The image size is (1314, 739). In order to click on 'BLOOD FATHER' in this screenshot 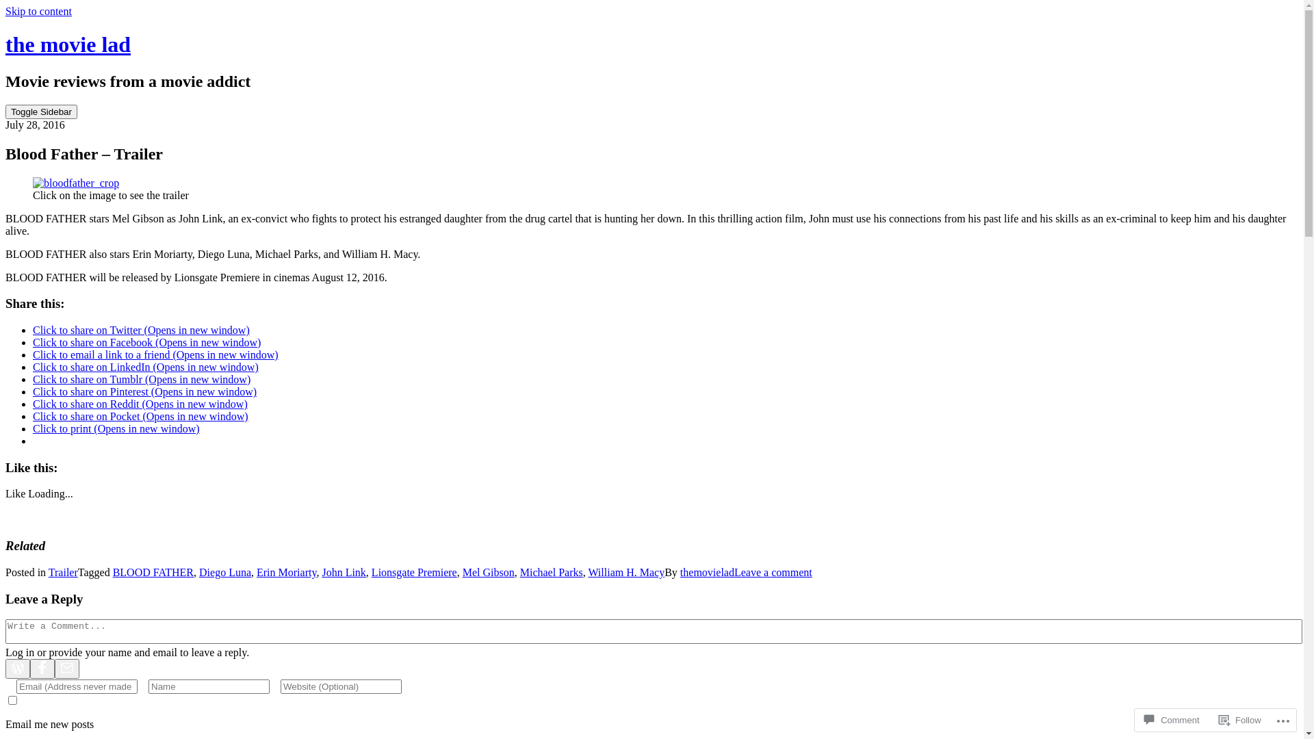, I will do `click(153, 572)`.